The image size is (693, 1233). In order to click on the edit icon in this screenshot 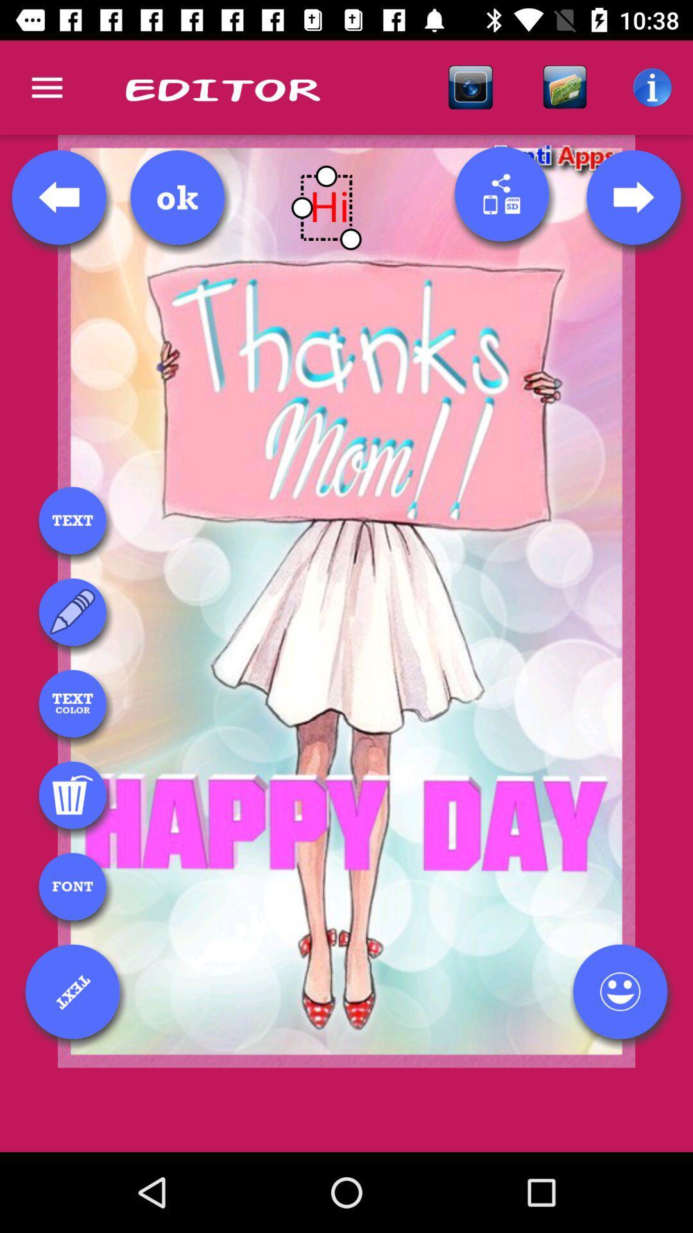, I will do `click(73, 991)`.